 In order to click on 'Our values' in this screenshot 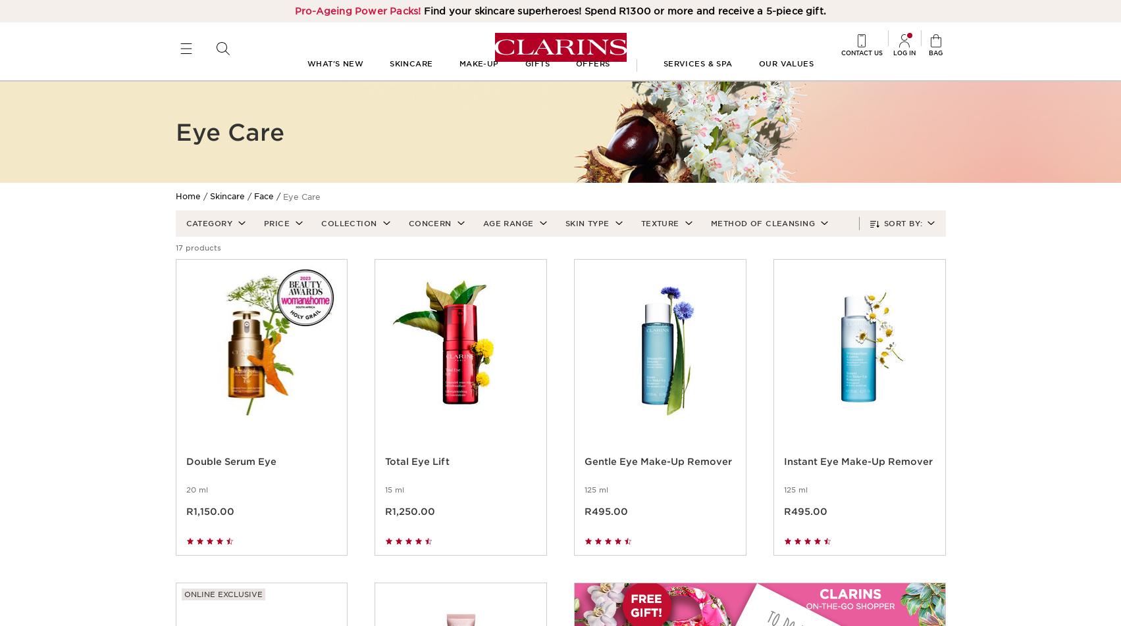, I will do `click(785, 79)`.